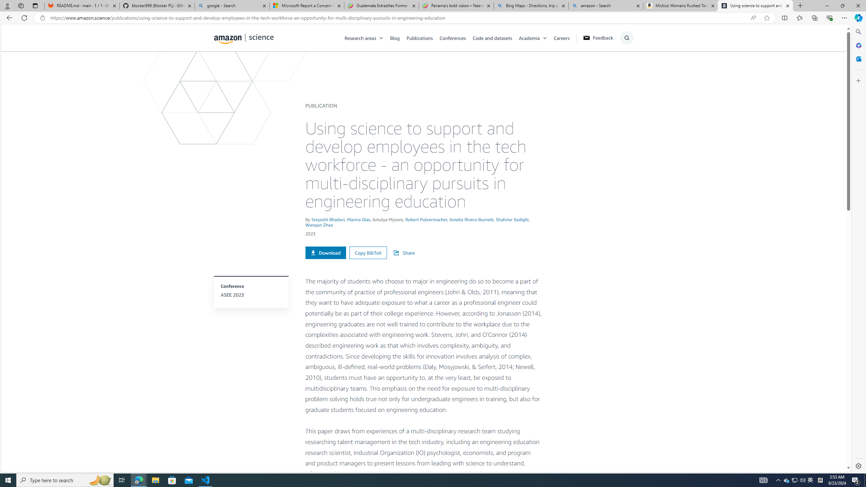 The height and width of the screenshot is (487, 866). What do you see at coordinates (455, 38) in the screenshot?
I see `'Conferences'` at bounding box center [455, 38].